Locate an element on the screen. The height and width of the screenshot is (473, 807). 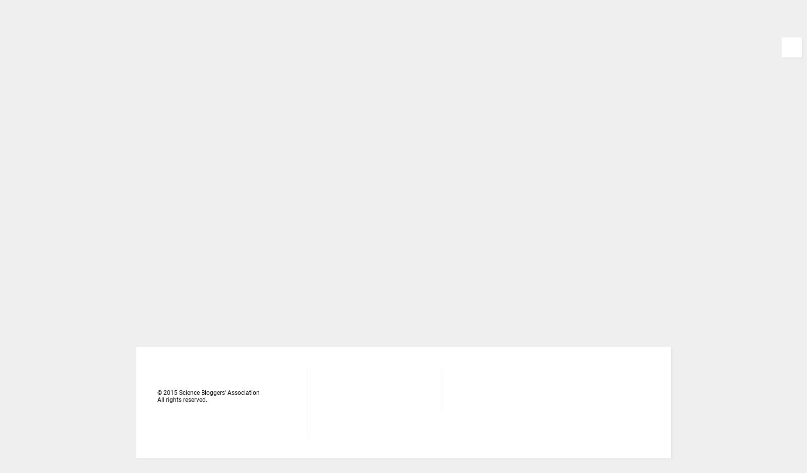
'twitter' is located at coordinates (489, 391).